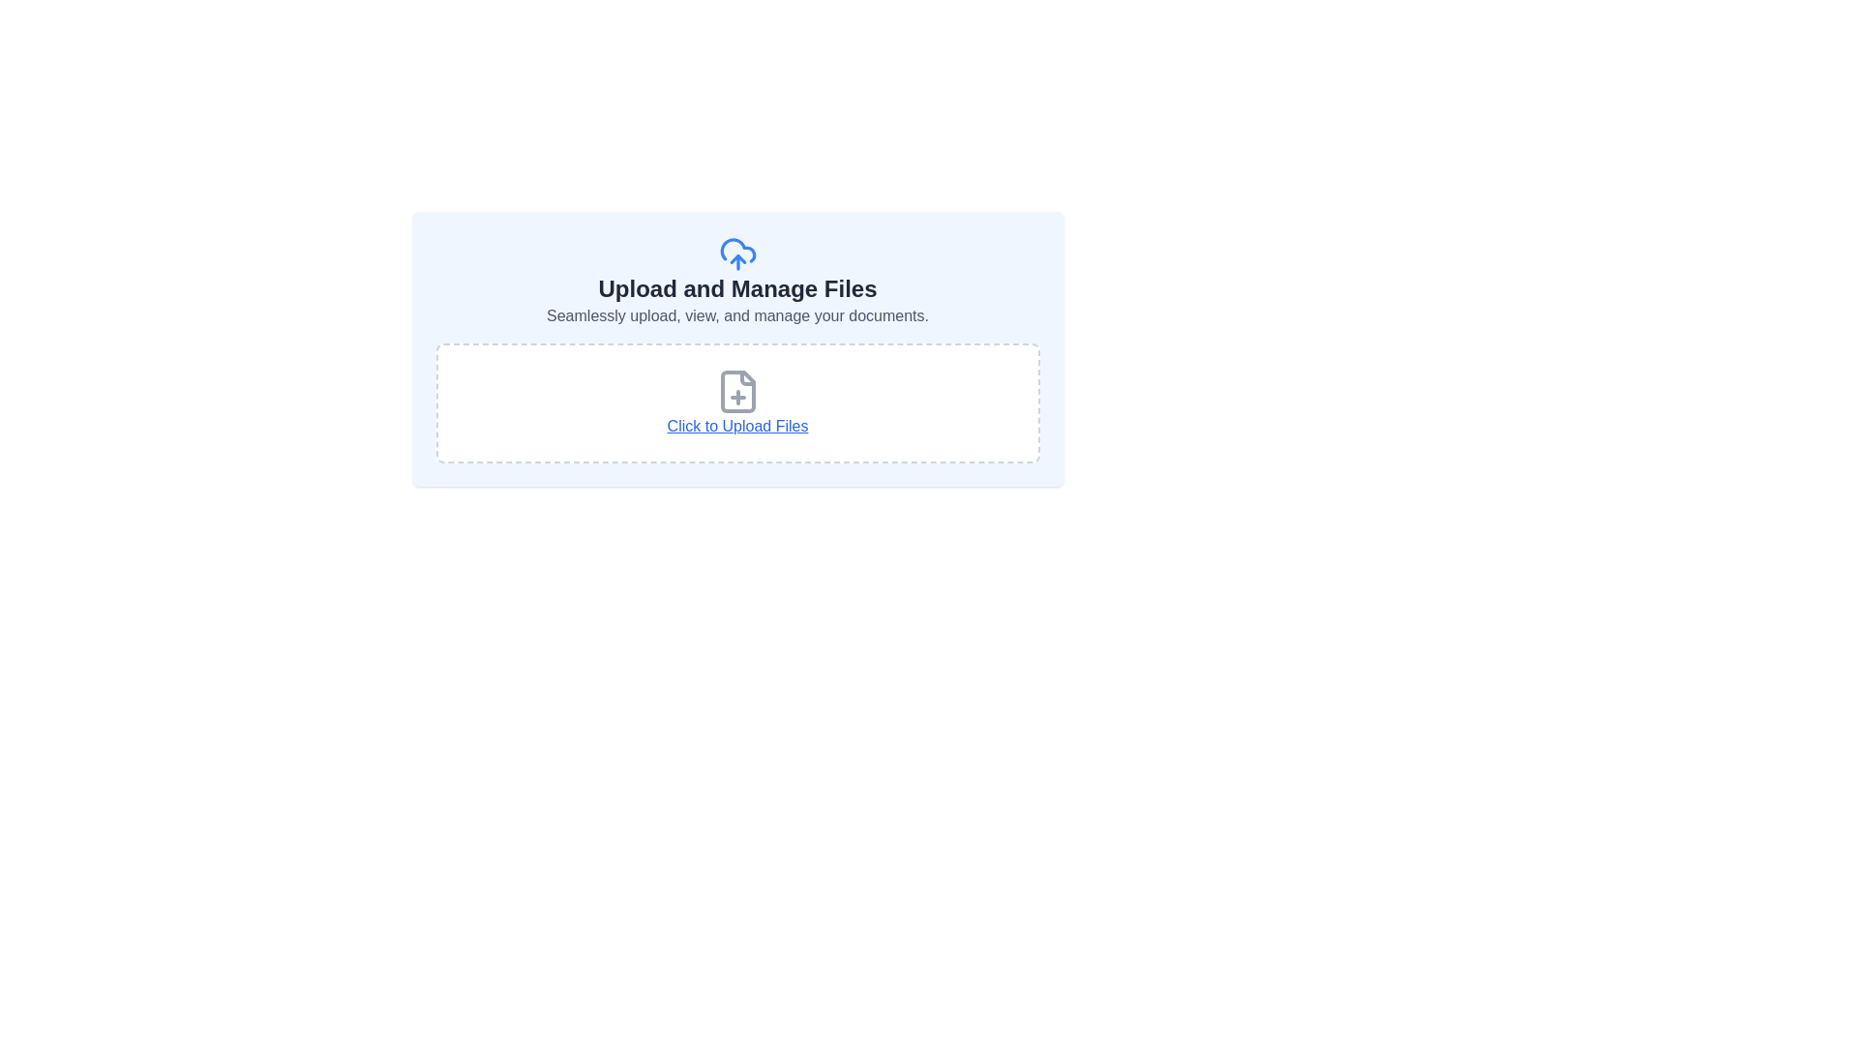 The image size is (1858, 1045). Describe the element at coordinates (736, 315) in the screenshot. I see `the descriptive Text element located below the 'Upload and Manage Files' heading, which provides information about the upload and management system` at that location.